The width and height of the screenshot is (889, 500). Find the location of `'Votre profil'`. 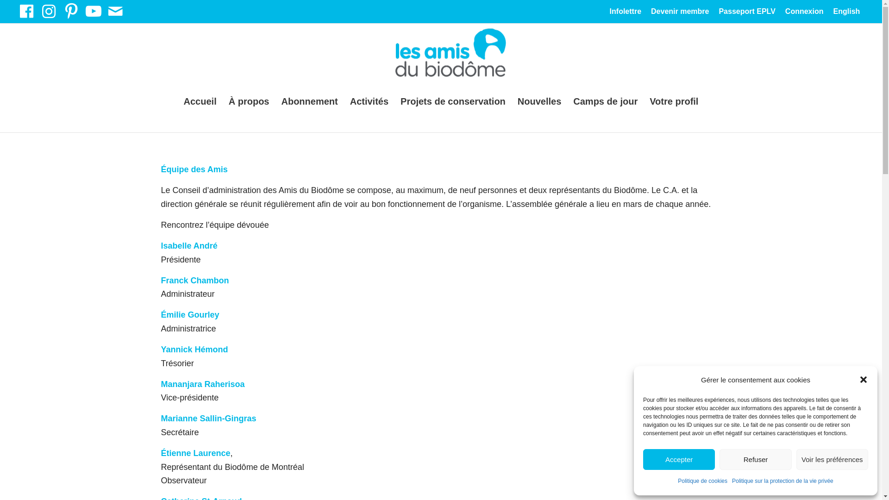

'Votre profil' is located at coordinates (643, 101).